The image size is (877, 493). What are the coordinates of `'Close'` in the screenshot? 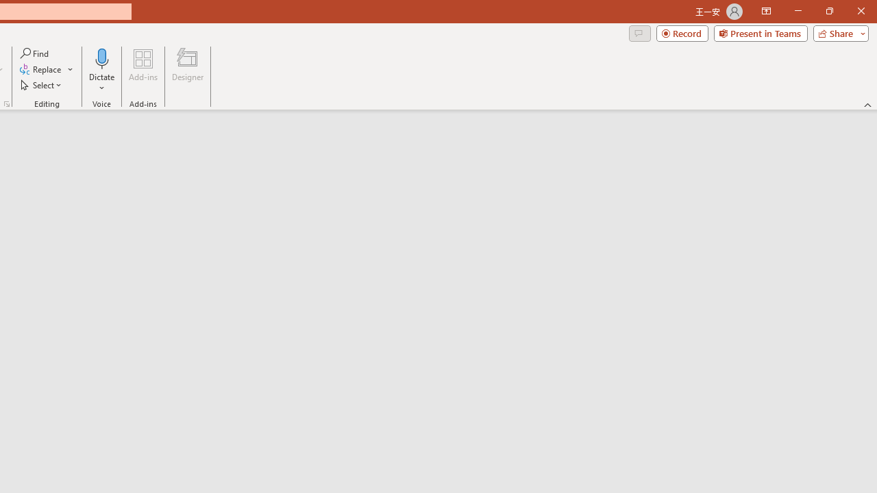 It's located at (860, 11).